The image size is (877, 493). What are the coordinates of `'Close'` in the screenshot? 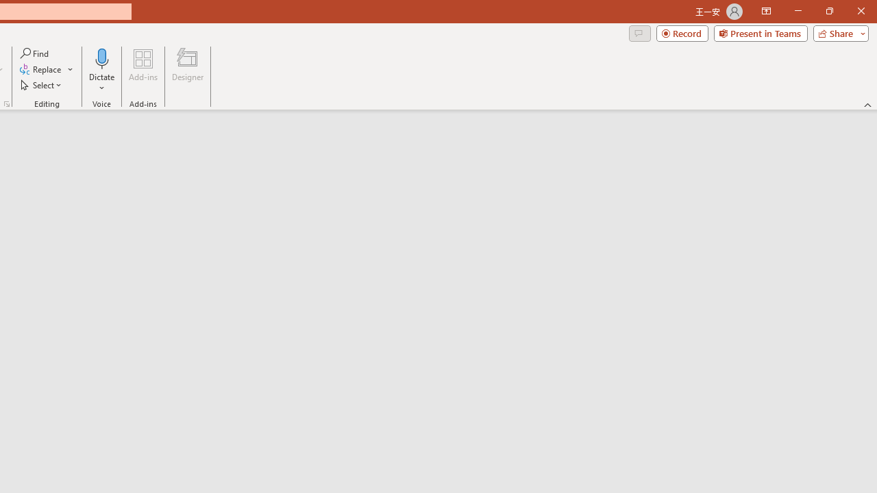 It's located at (860, 11).